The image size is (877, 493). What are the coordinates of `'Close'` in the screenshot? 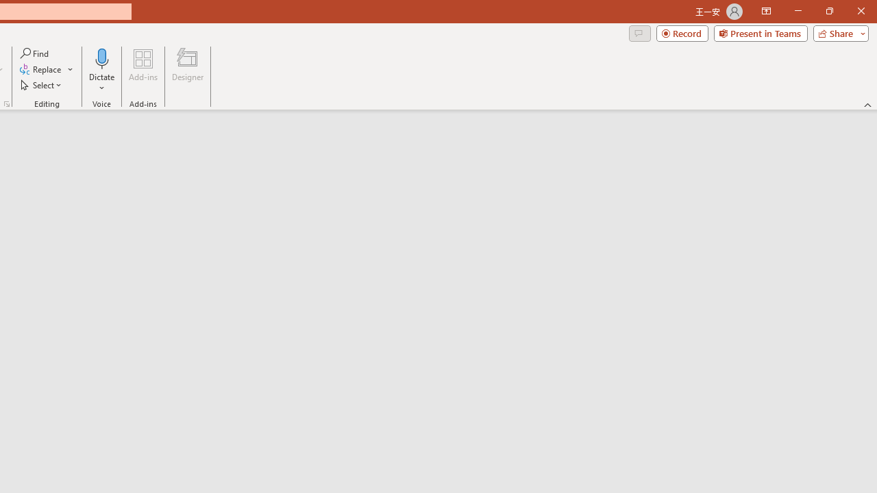 It's located at (860, 11).